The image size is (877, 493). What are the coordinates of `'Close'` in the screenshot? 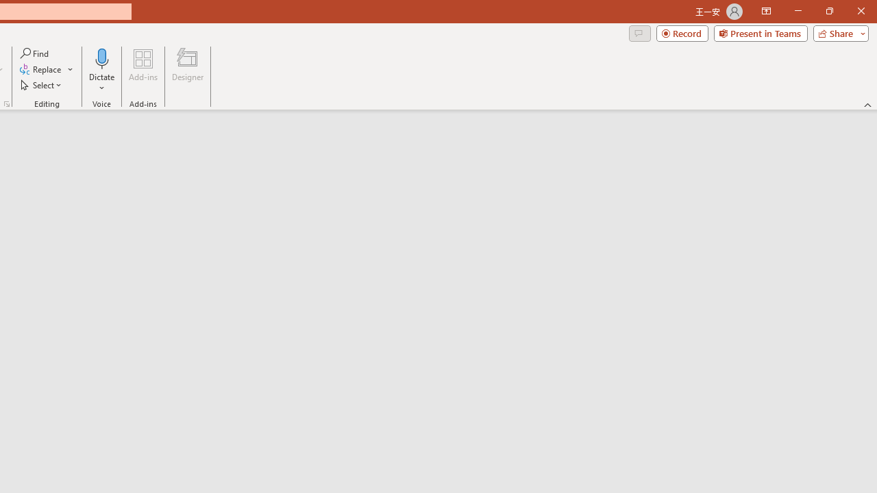 It's located at (860, 11).